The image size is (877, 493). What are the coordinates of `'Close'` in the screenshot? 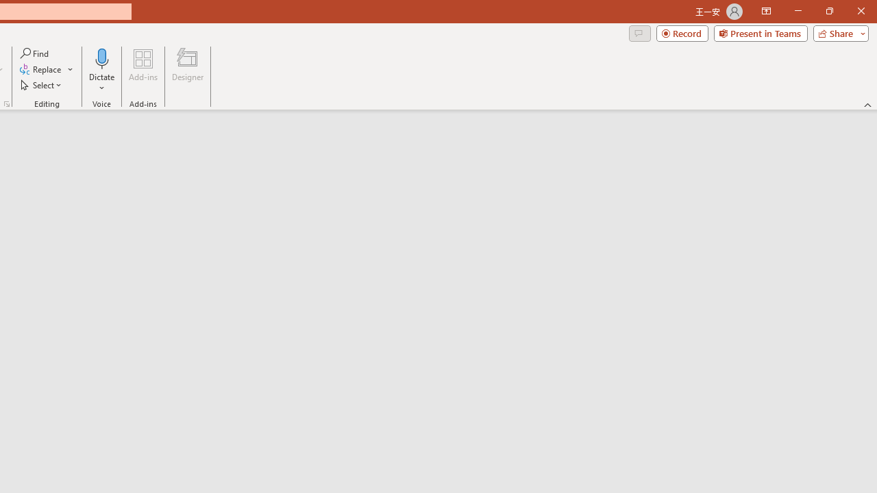 It's located at (860, 11).